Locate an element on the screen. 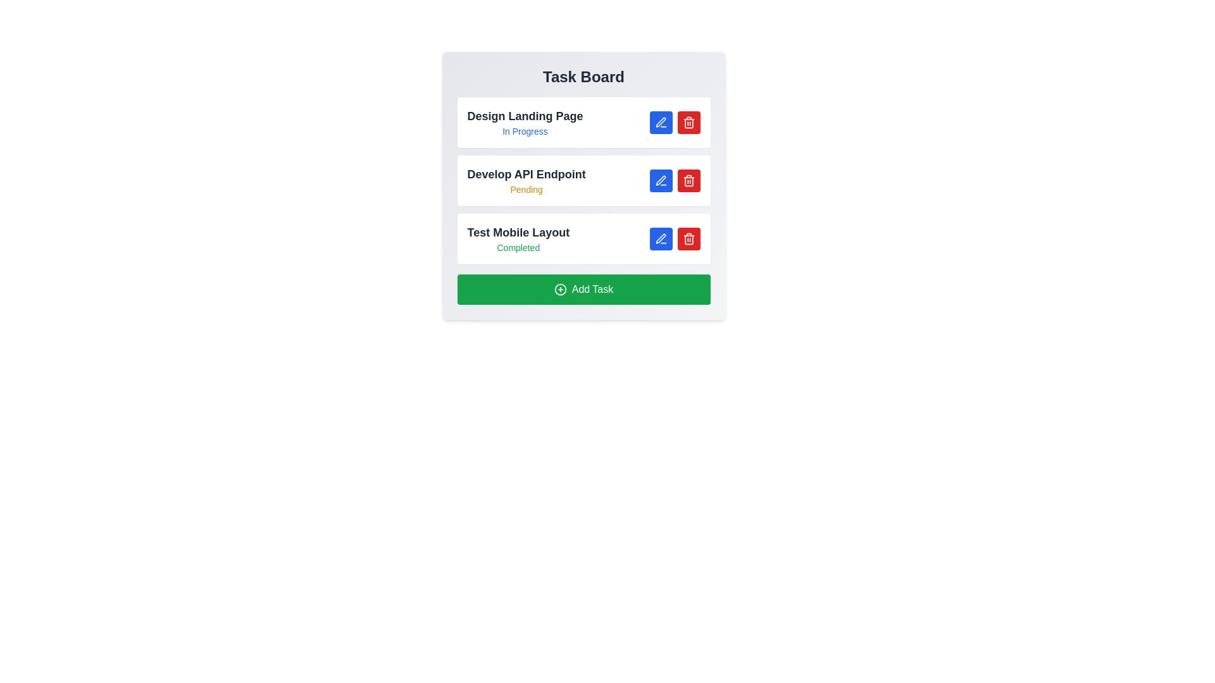 Image resolution: width=1215 pixels, height=683 pixels. the edit button next to the task with the name Design Landing Page is located at coordinates (660, 122).